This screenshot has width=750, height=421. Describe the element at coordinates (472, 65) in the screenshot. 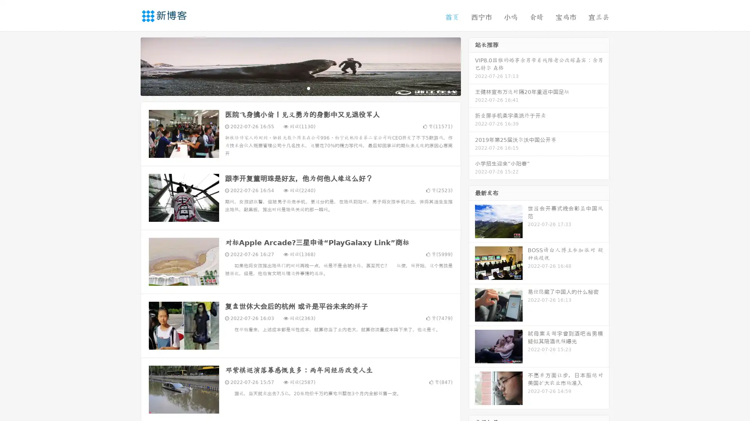

I see `Next slide` at that location.